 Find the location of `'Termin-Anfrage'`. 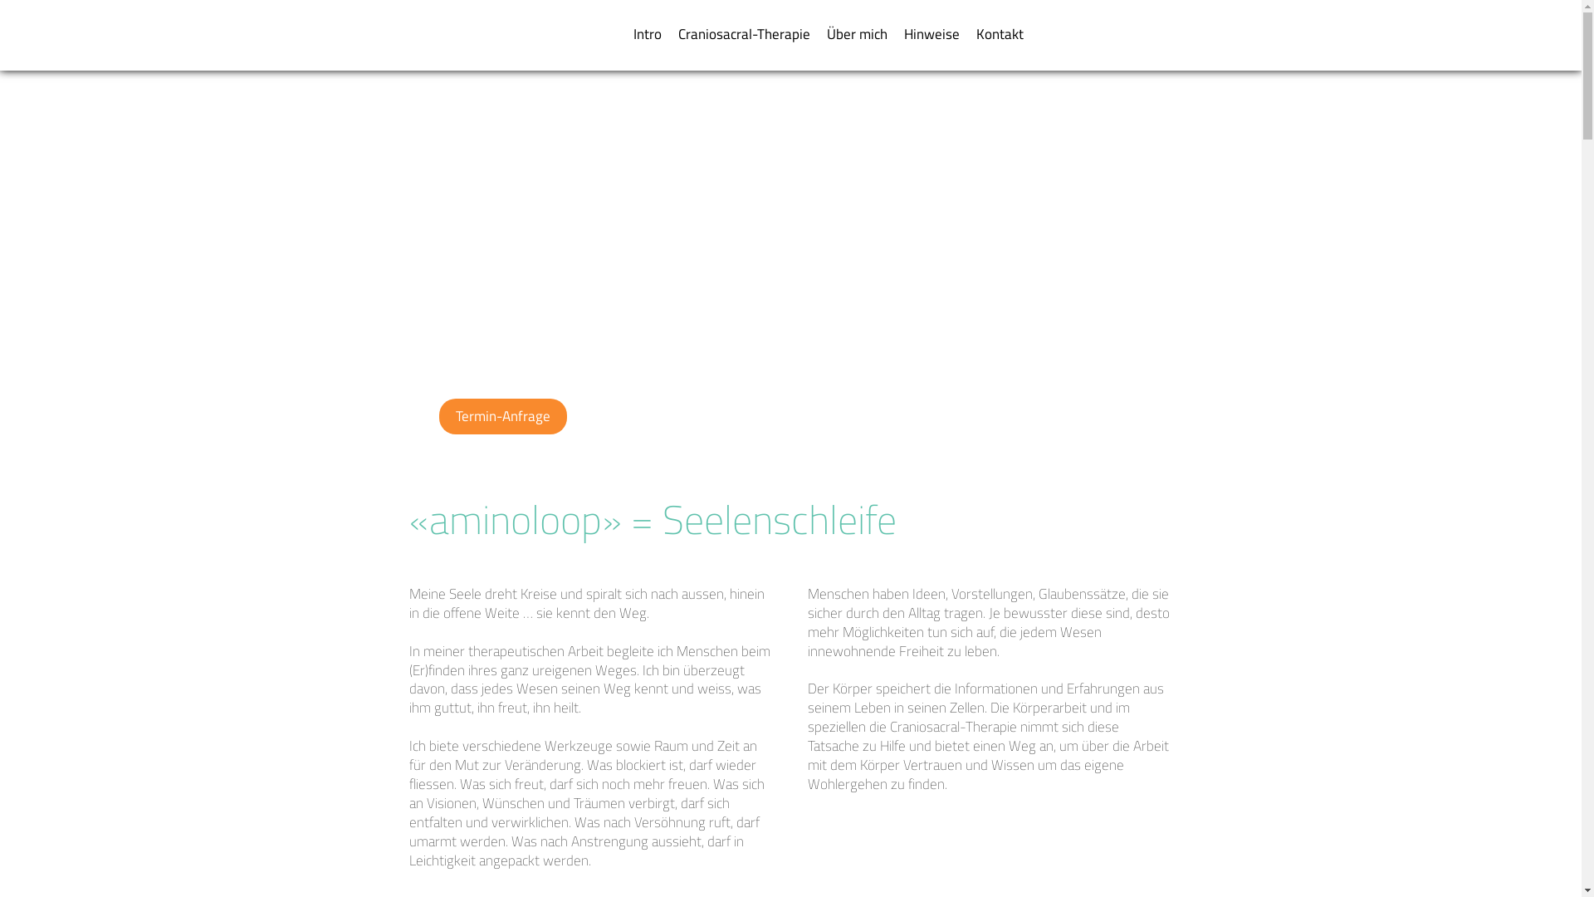

'Termin-Anfrage' is located at coordinates (501, 415).